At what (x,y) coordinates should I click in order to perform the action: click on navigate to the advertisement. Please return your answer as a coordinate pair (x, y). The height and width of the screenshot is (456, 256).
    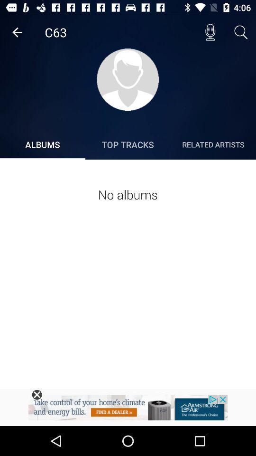
    Looking at the image, I should click on (128, 410).